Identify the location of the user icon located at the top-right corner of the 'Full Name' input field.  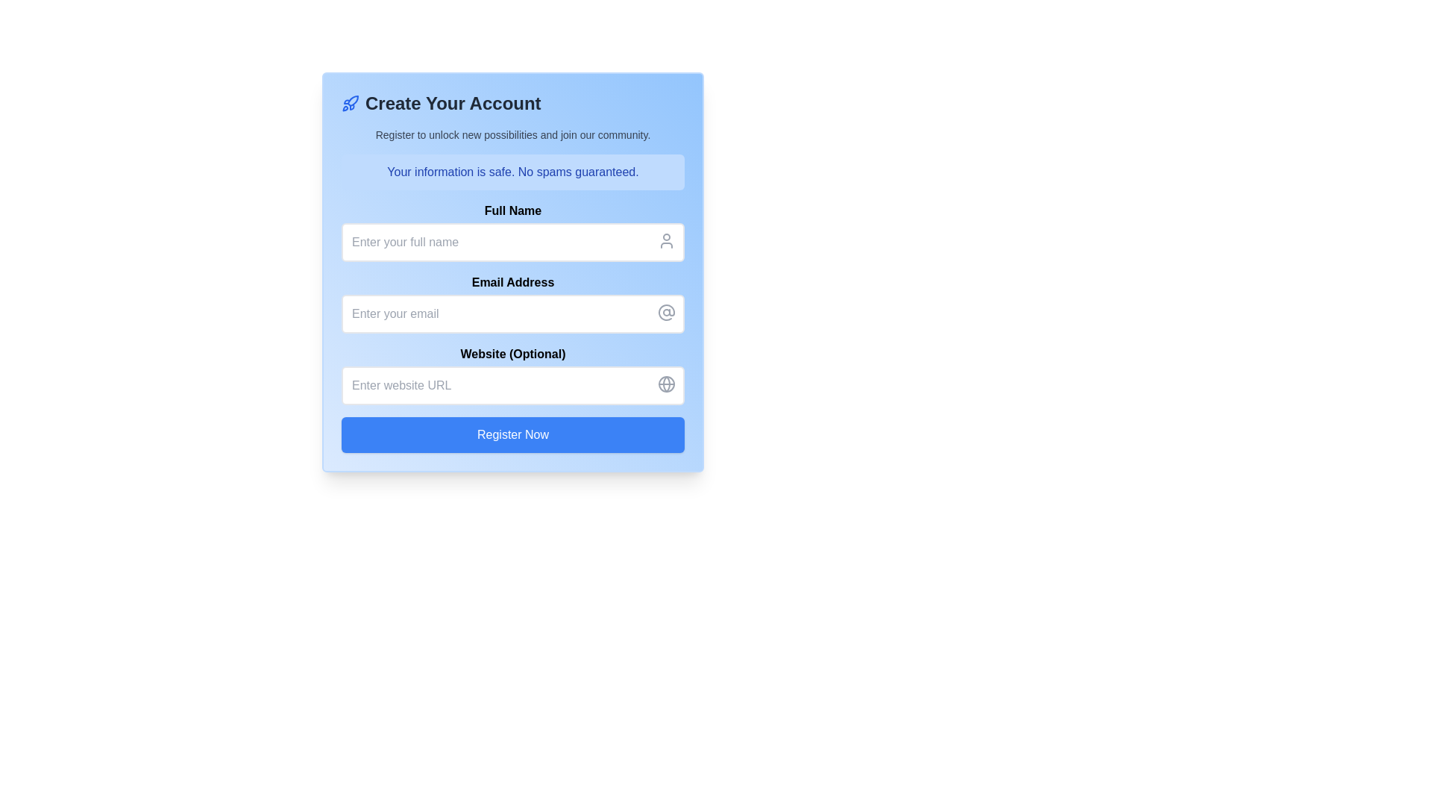
(665, 240).